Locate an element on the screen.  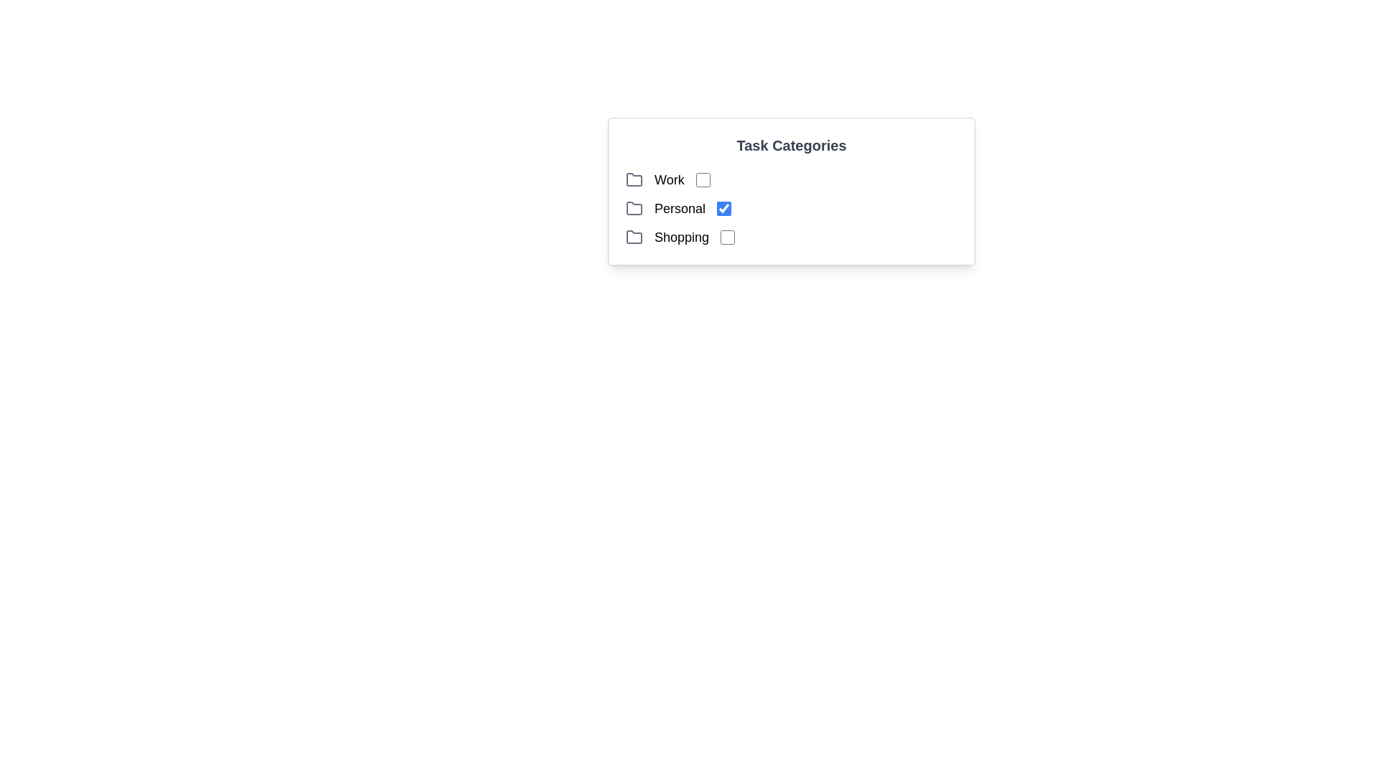
the rightmost checkbox in the group containing a folder icon and the text 'Shopping' to observe additional effects is located at coordinates (728, 237).